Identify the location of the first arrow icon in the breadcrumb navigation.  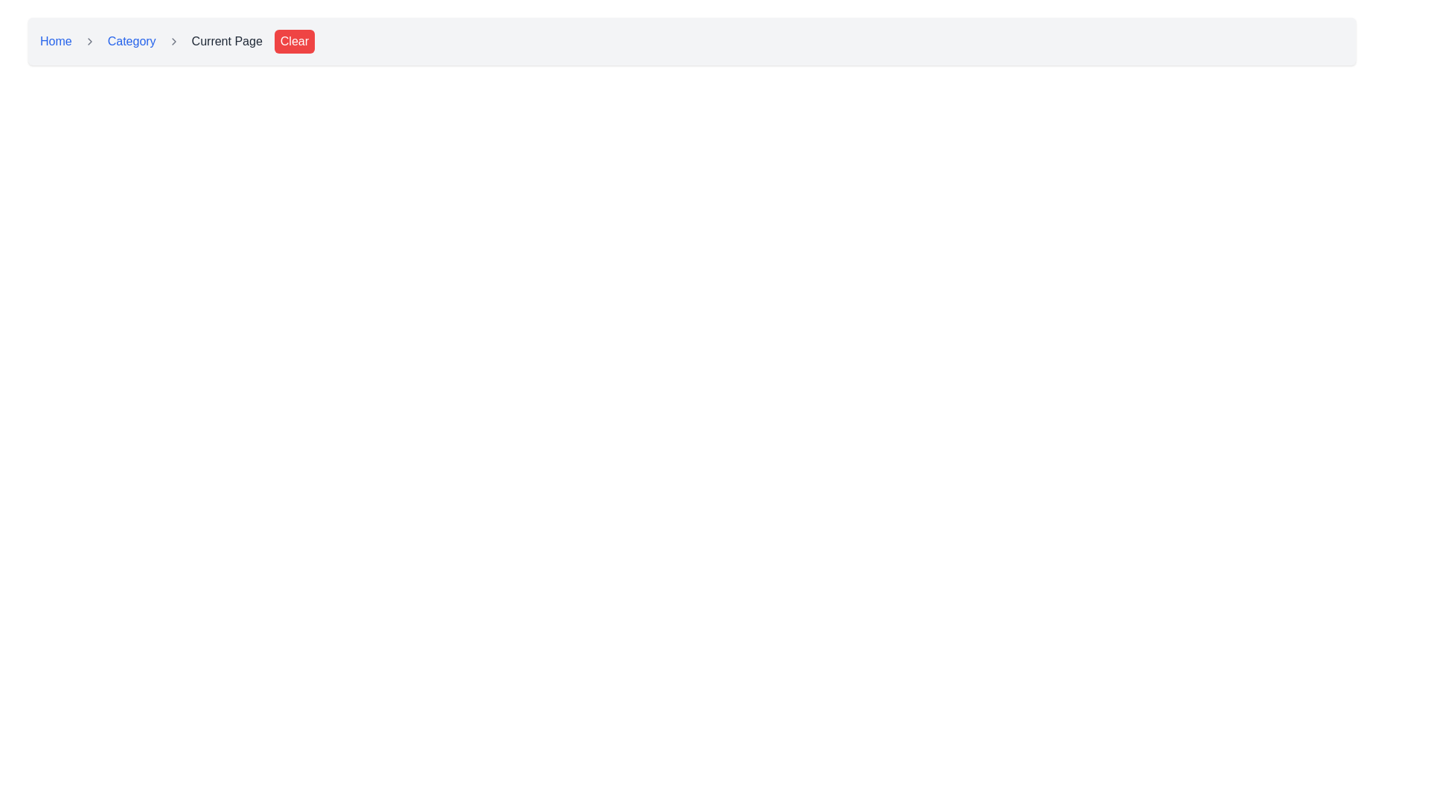
(89, 41).